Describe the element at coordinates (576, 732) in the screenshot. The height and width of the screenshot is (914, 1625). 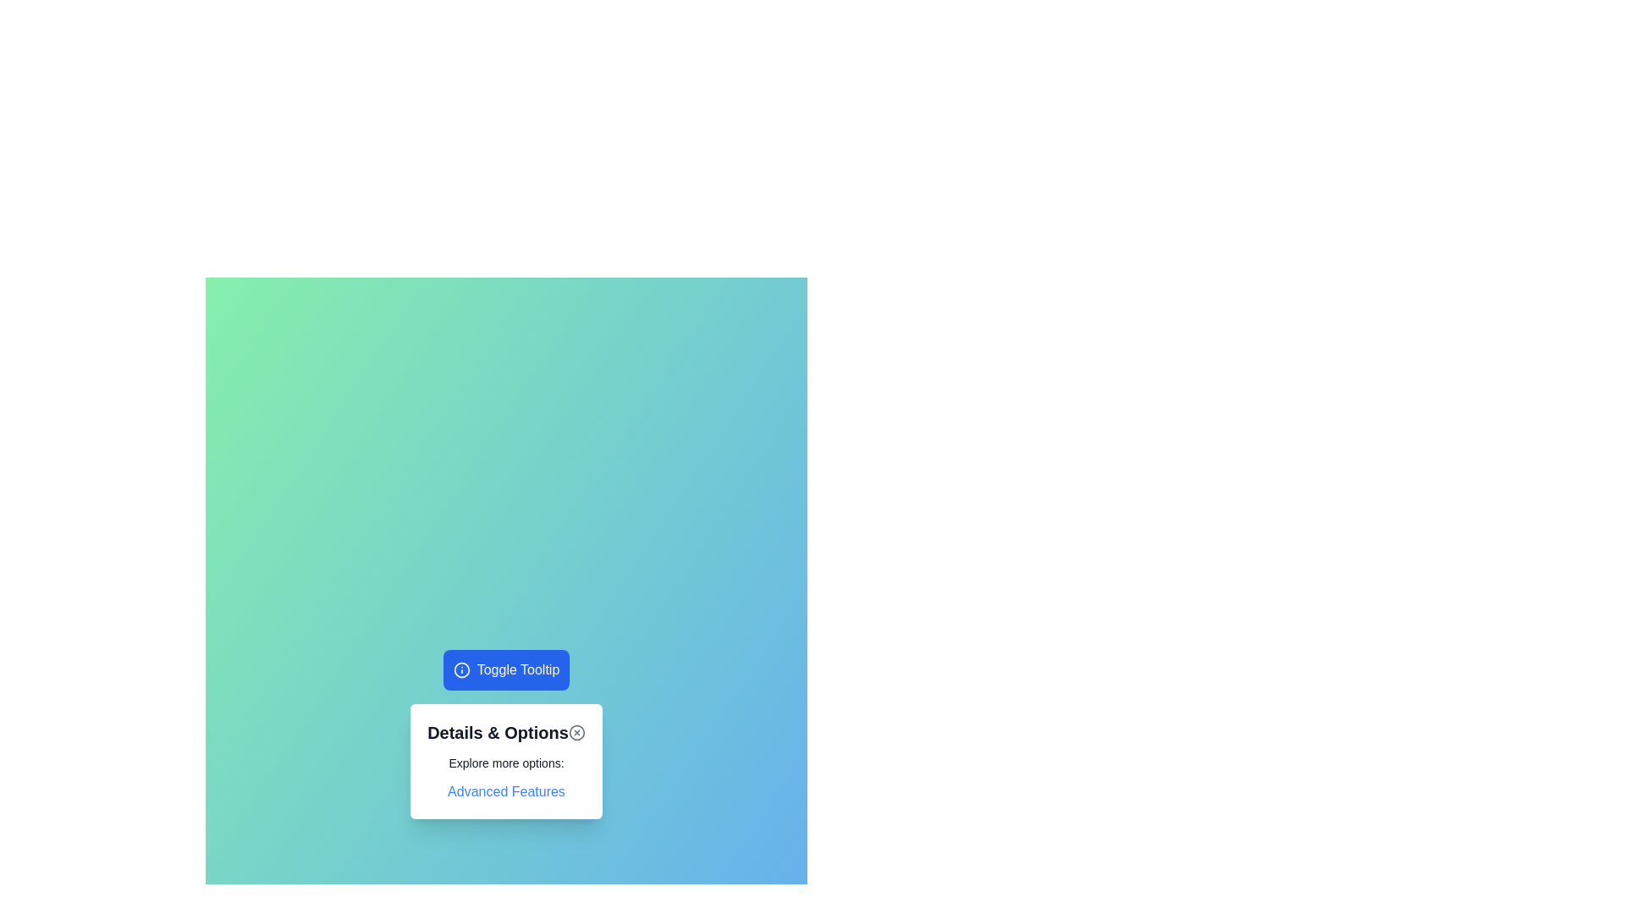
I see `the circular icon with a thin border that is part of the 'Details & Options' graphical icon` at that location.